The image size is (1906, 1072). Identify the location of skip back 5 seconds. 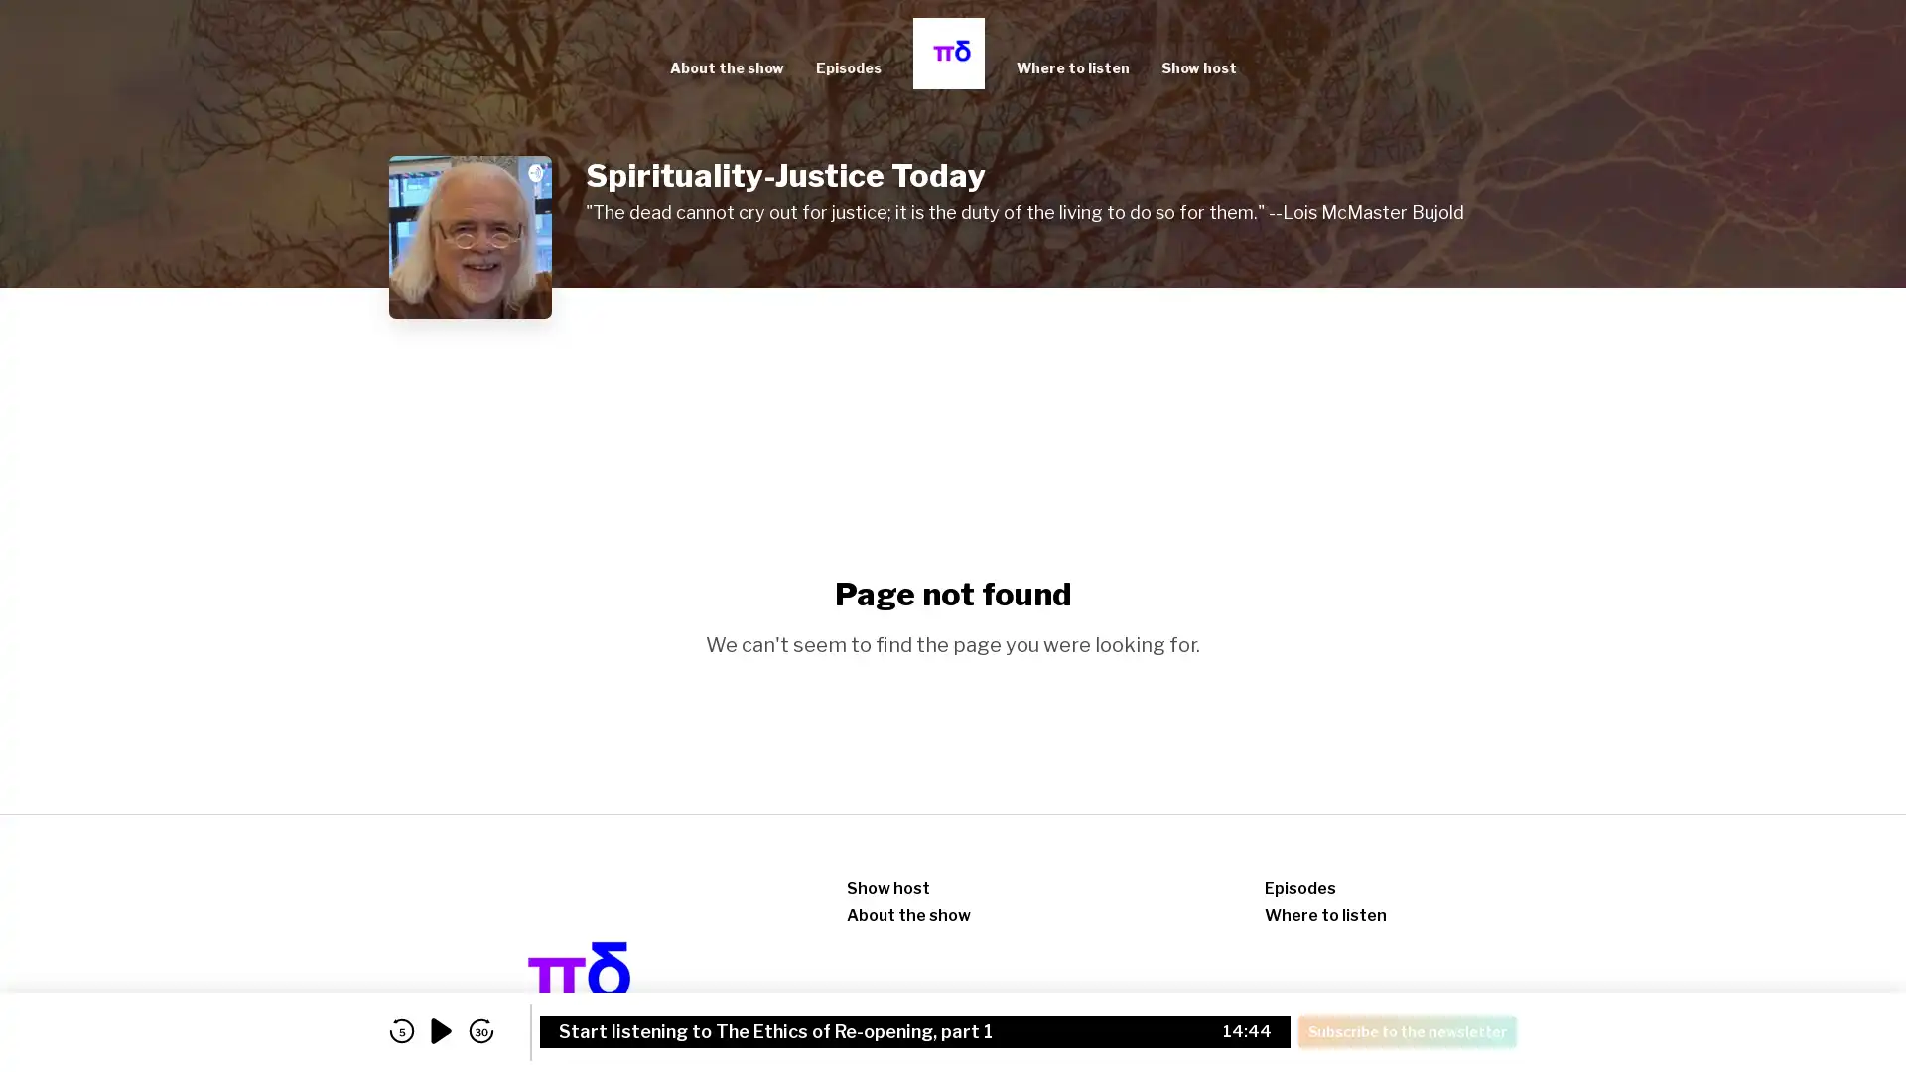
(400, 1030).